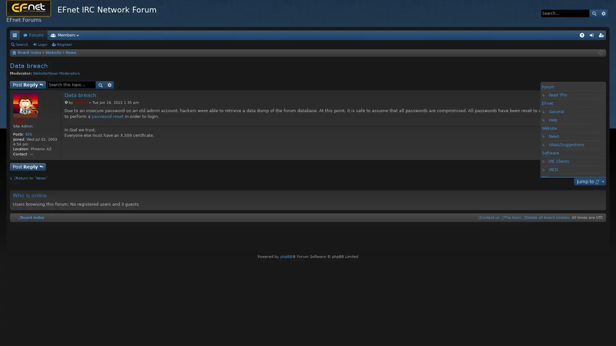 Image resolution: width=616 pixels, height=346 pixels. What do you see at coordinates (100, 85) in the screenshot?
I see `Search` at bounding box center [100, 85].